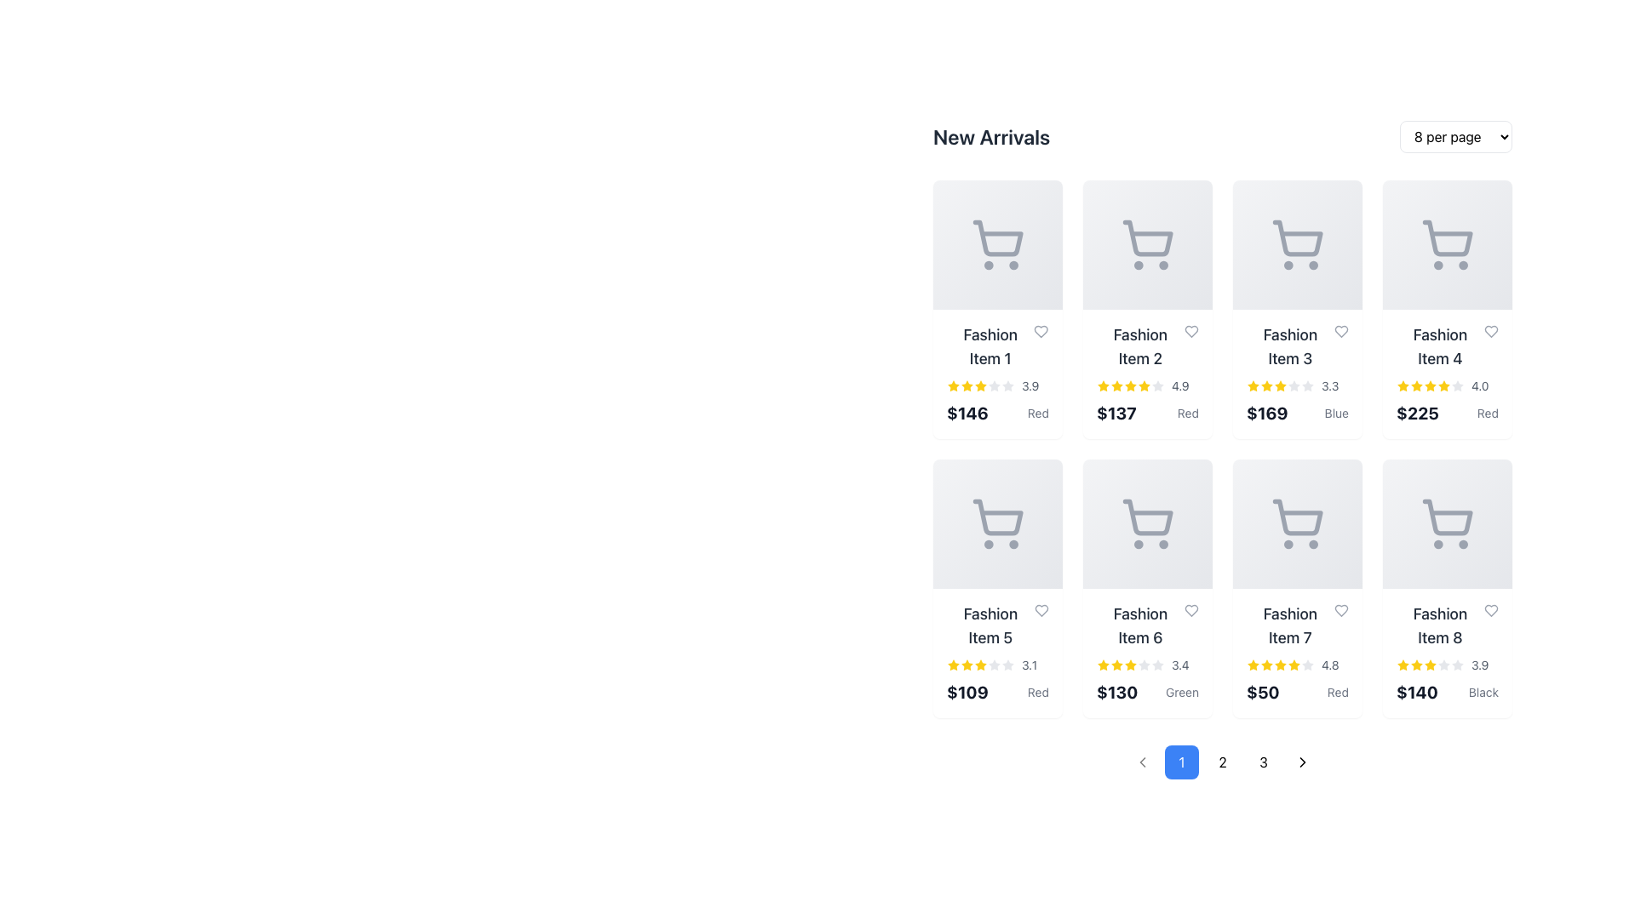  What do you see at coordinates (1457, 386) in the screenshot?
I see `the fifth unselected star icon in the rating component of the 'Fashion Item 4' card located in the first row and fourth column of the products grid` at bounding box center [1457, 386].